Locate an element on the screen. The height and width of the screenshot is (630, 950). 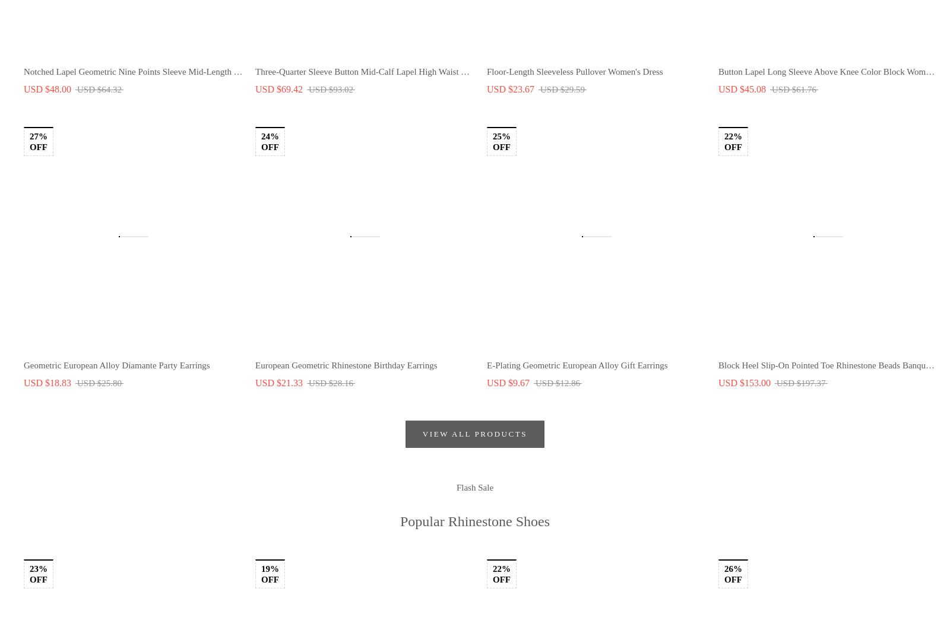
'Be the first to experience new products, special deals, exclusive content, events and more!' is located at coordinates (437, 263).